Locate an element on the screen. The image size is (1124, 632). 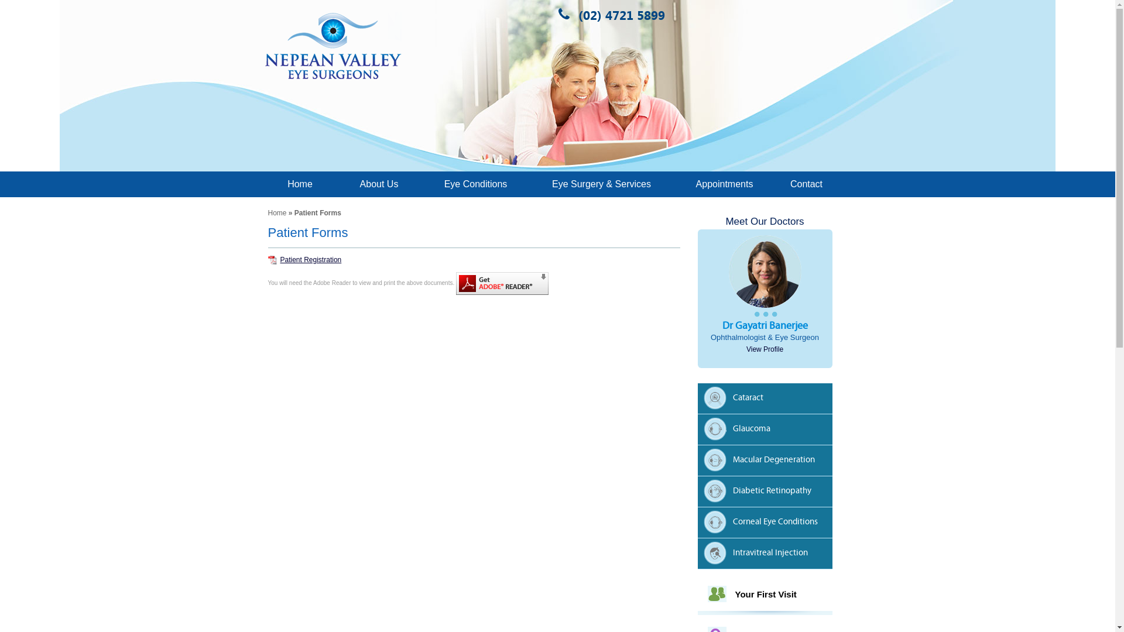
'Dr Gayatri Banerjee' is located at coordinates (721, 325).